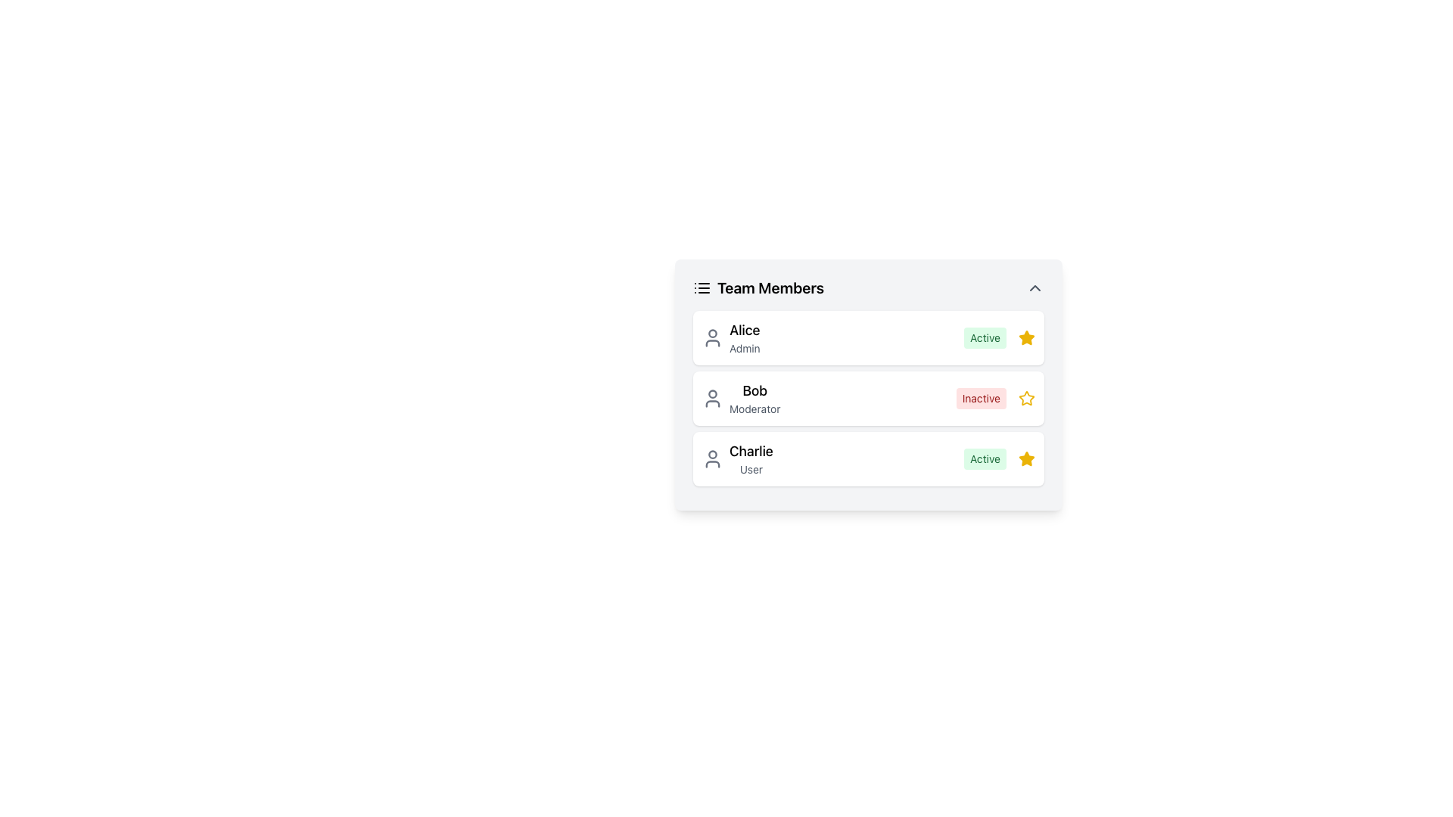  What do you see at coordinates (1035, 288) in the screenshot?
I see `the collapse button (icon-based) located in the header section of the 'Team Members' panel` at bounding box center [1035, 288].